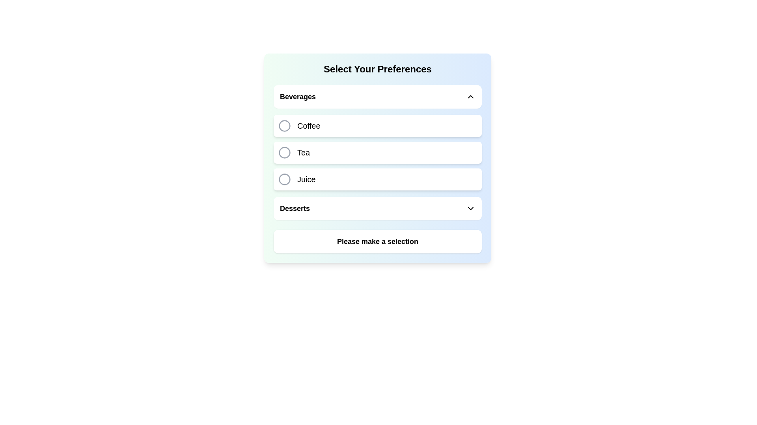 The height and width of the screenshot is (425, 757). What do you see at coordinates (377, 179) in the screenshot?
I see `the third option labeled 'Juice' in the Beverages section` at bounding box center [377, 179].